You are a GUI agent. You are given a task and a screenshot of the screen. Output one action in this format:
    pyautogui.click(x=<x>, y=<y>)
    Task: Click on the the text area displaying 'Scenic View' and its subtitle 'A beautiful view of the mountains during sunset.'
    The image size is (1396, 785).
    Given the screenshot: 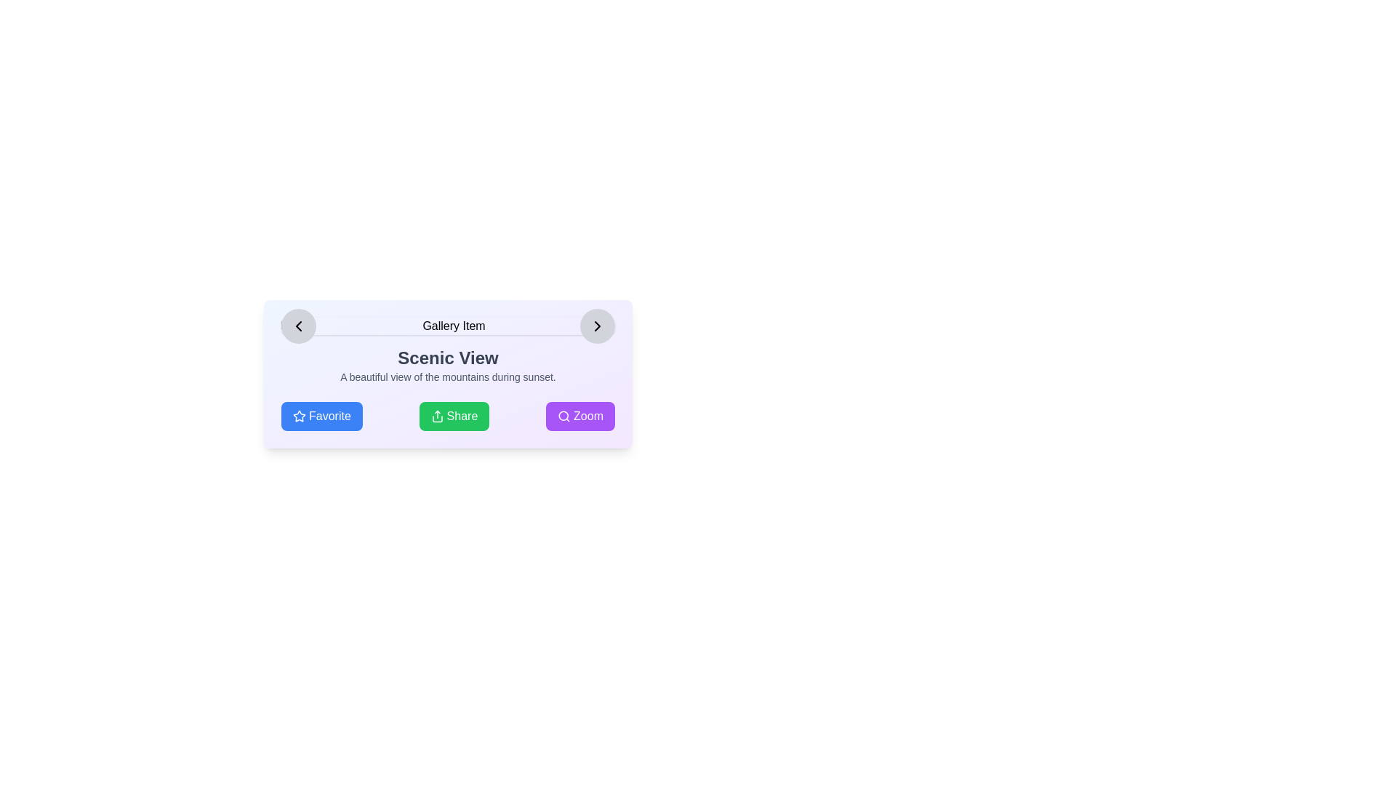 What is the action you would take?
    pyautogui.click(x=447, y=364)
    